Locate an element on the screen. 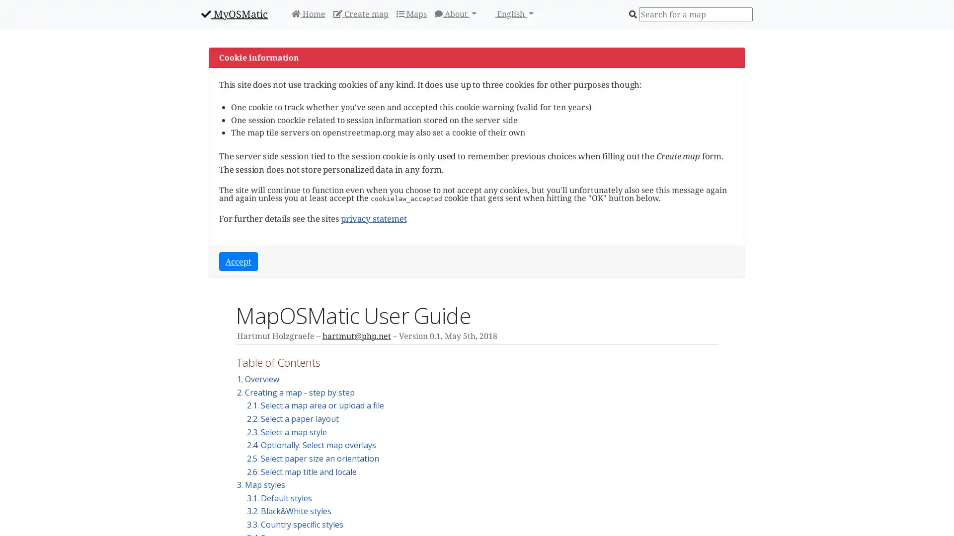 Image resolution: width=954 pixels, height=536 pixels. About is located at coordinates (455, 14).